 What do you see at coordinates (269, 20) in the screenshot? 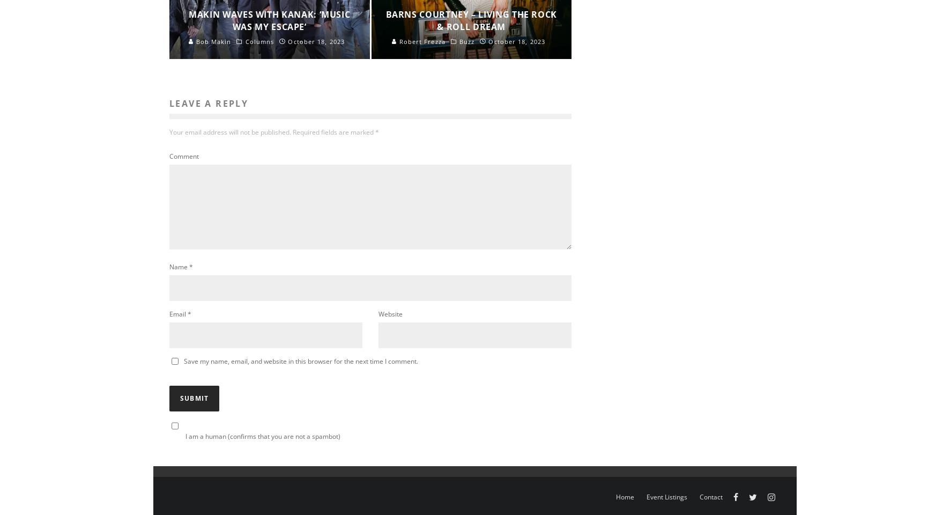
I see `'Makin Waves with Kanak: ‘Music Was My Escape’'` at bounding box center [269, 20].